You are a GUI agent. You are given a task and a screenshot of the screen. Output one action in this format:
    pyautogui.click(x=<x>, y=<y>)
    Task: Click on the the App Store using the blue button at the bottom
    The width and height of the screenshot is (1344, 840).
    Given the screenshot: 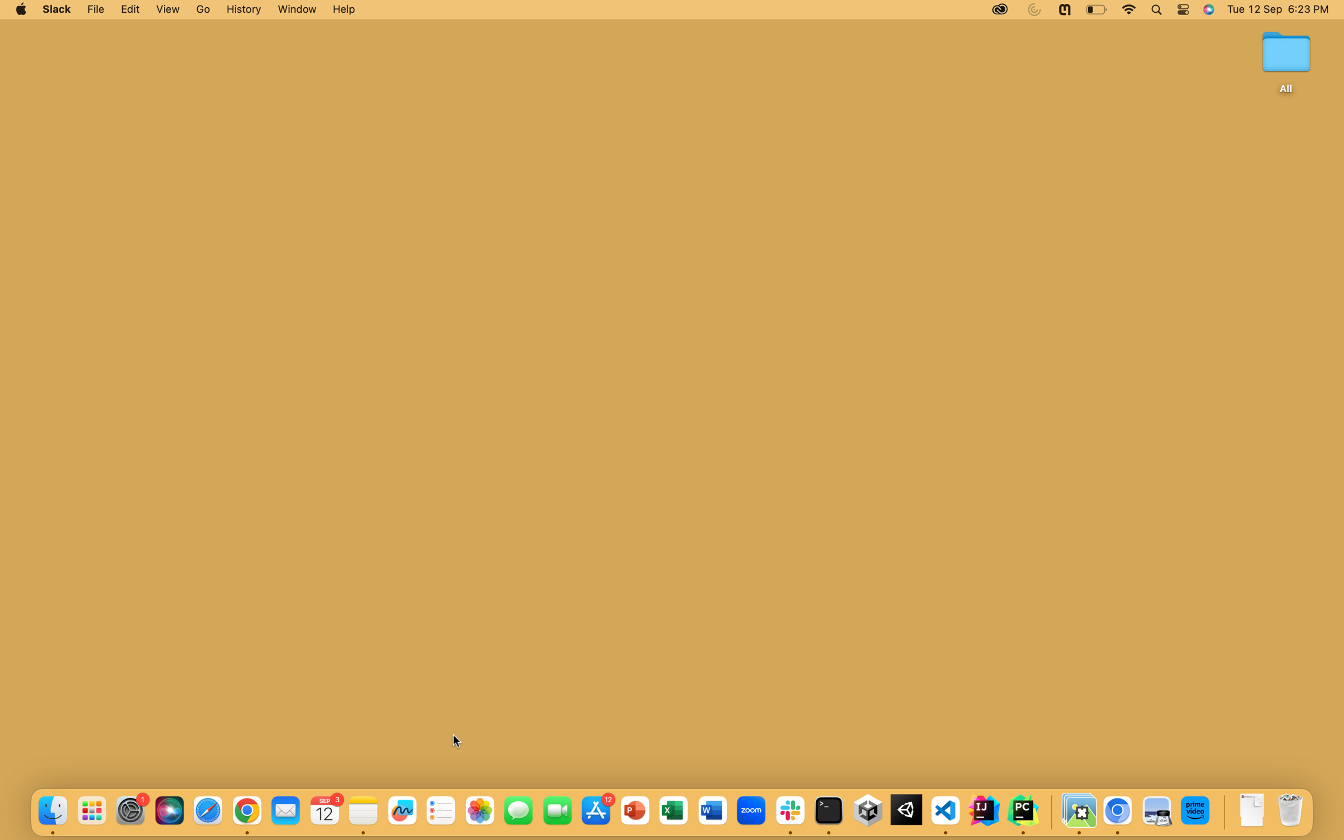 What is the action you would take?
    pyautogui.click(x=596, y=811)
    